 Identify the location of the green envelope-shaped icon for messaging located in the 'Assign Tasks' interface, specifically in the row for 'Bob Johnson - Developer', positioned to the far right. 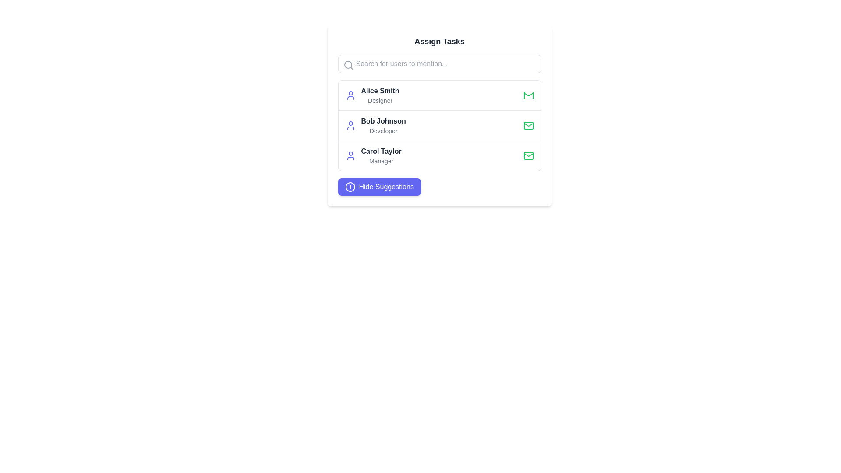
(528, 125).